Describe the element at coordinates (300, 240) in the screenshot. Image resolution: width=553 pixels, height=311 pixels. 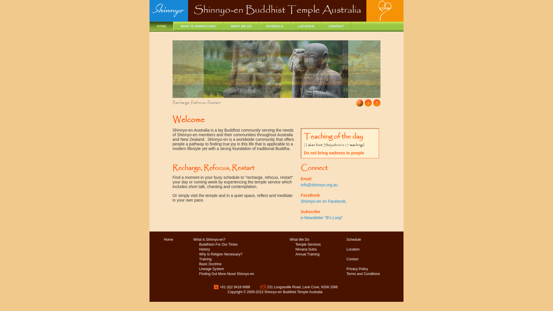
I see `'What We Do'` at that location.